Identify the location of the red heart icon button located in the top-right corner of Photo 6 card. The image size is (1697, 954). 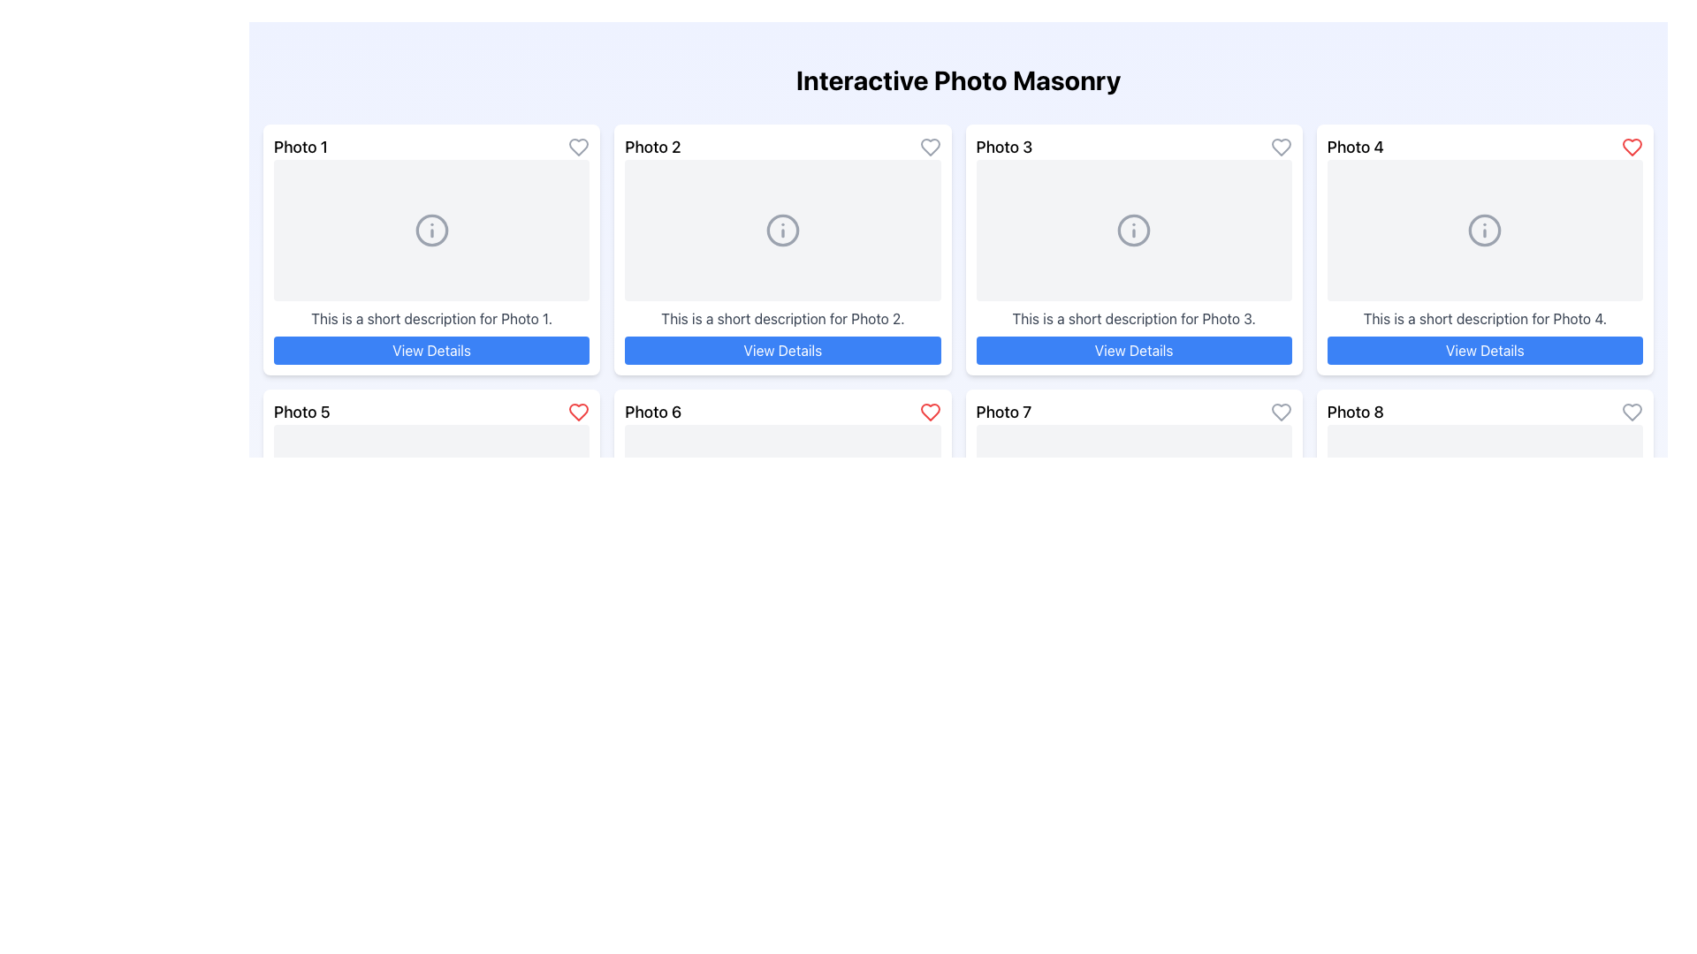
(929, 412).